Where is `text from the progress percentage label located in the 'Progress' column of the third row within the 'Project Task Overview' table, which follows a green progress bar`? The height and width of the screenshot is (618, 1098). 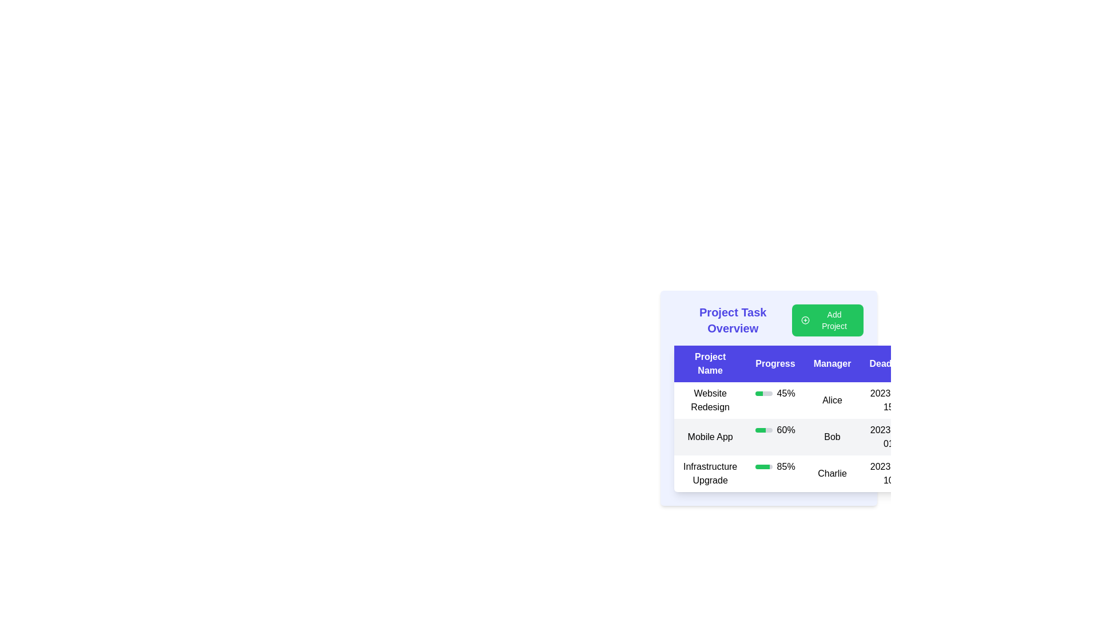 text from the progress percentage label located in the 'Progress' column of the third row within the 'Project Task Overview' table, which follows a green progress bar is located at coordinates (785, 467).